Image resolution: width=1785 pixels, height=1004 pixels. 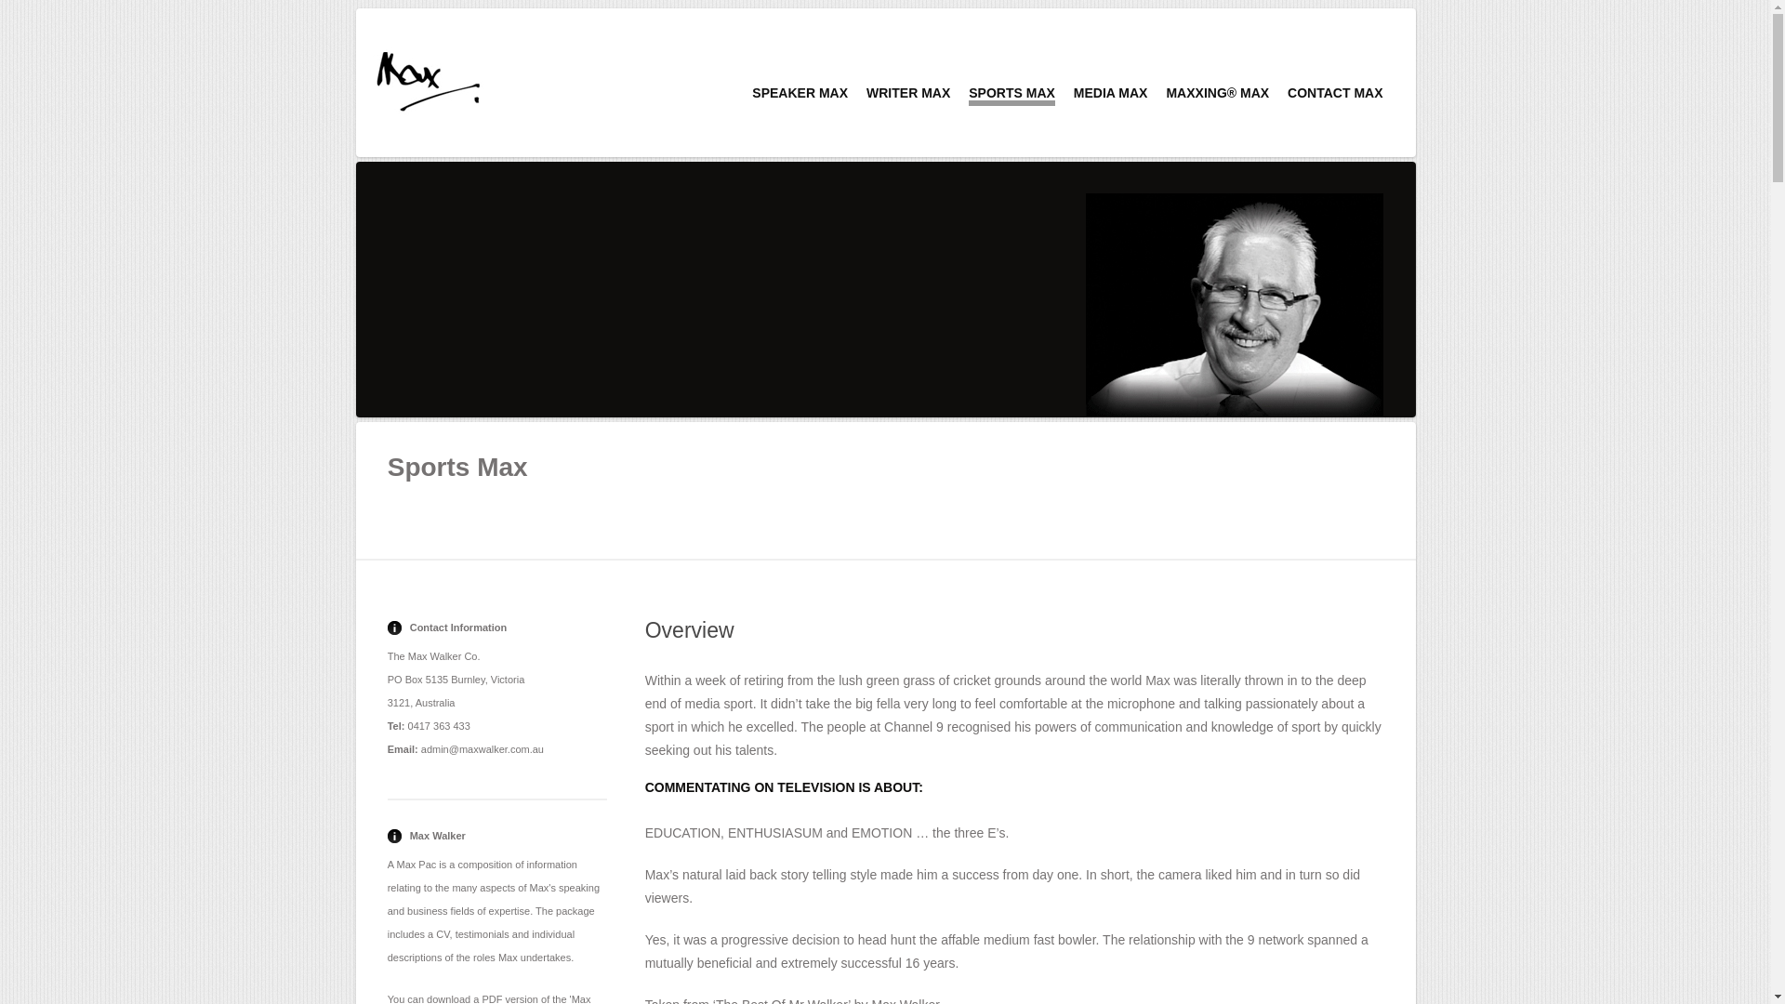 What do you see at coordinates (427, 79) in the screenshot?
I see `'Max Walker'` at bounding box center [427, 79].